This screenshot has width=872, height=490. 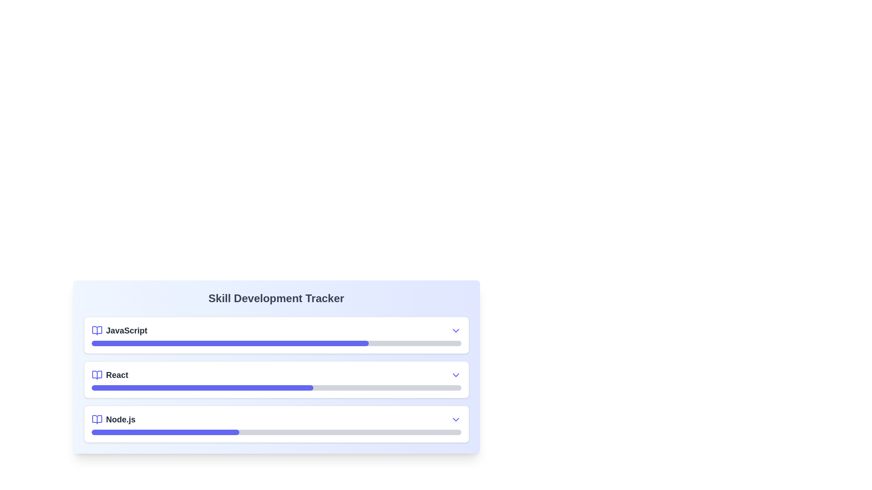 What do you see at coordinates (113, 420) in the screenshot?
I see `the 'Node.js' text label which is positioned to the right of a small book icon and is the third item in a vertical stacked list` at bounding box center [113, 420].